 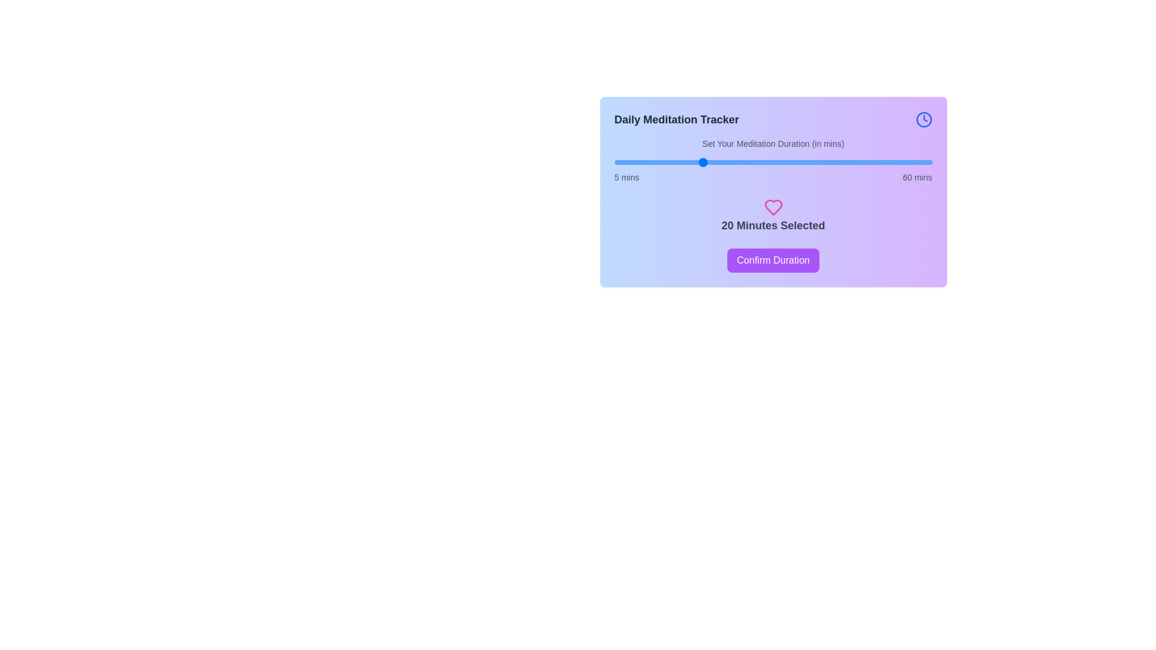 I want to click on the meditation duration to 53 minutes using the slider, so click(x=892, y=162).